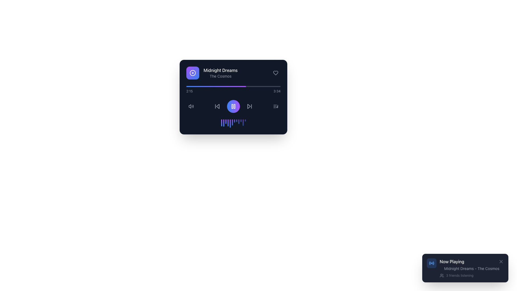 This screenshot has width=517, height=291. Describe the element at coordinates (501, 261) in the screenshot. I see `the close/cancel button styled with a gray 'X' icon located at the top-right corner of the 'Now Playing' section` at that location.